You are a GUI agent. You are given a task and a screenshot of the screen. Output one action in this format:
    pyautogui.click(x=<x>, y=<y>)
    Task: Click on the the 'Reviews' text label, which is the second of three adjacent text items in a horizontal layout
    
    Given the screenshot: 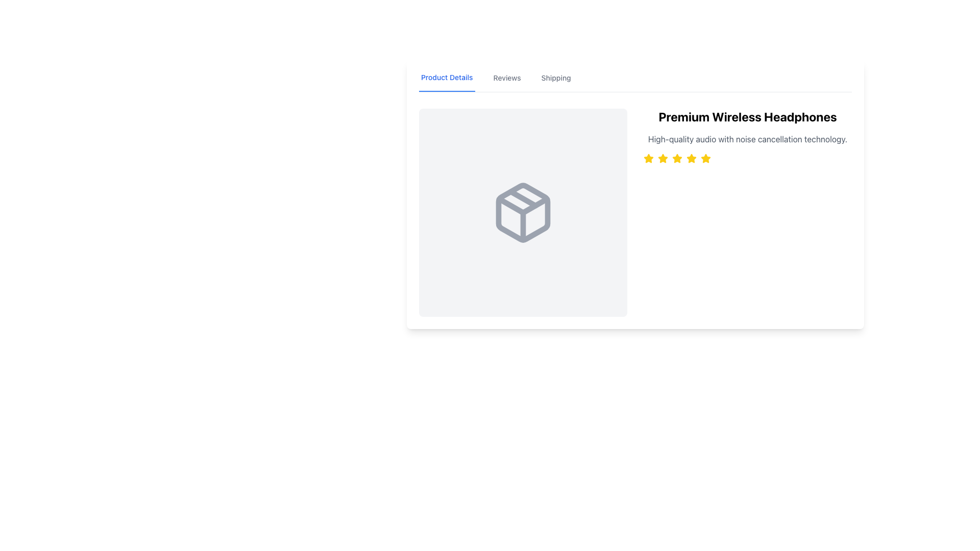 What is the action you would take?
    pyautogui.click(x=507, y=82)
    